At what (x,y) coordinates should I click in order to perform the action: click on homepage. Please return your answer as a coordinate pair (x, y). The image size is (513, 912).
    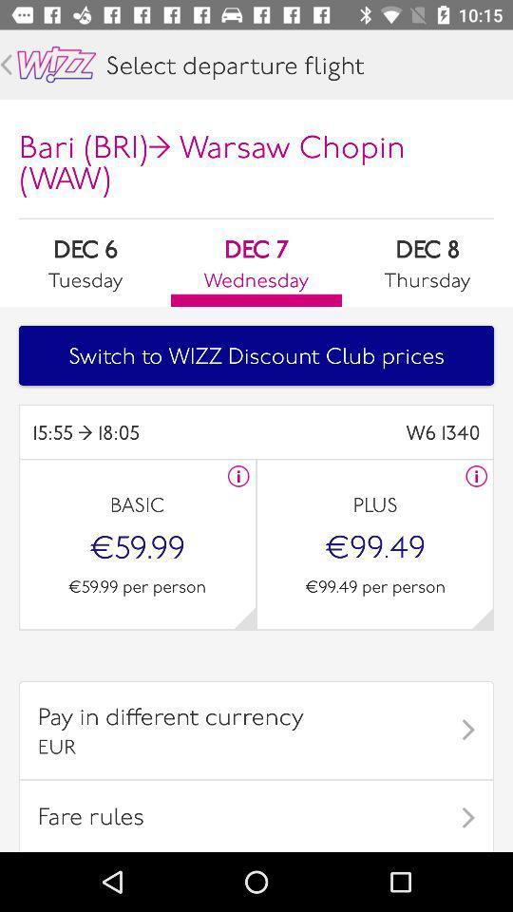
    Looking at the image, I should click on (56, 65).